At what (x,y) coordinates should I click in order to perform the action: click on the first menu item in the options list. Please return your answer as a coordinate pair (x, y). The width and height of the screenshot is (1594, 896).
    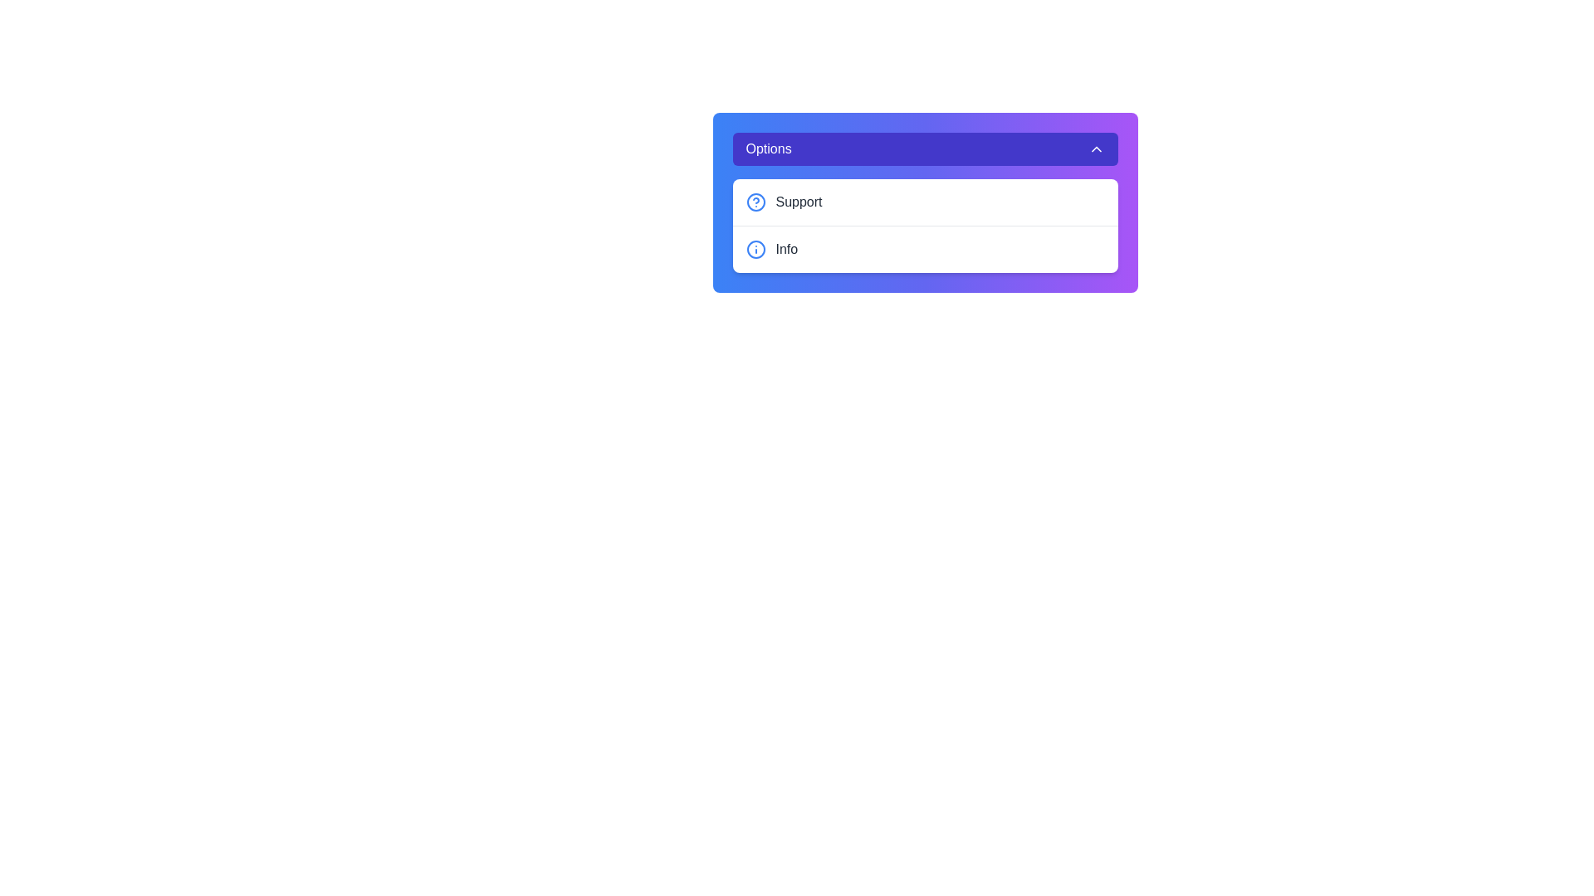
    Looking at the image, I should click on (924, 202).